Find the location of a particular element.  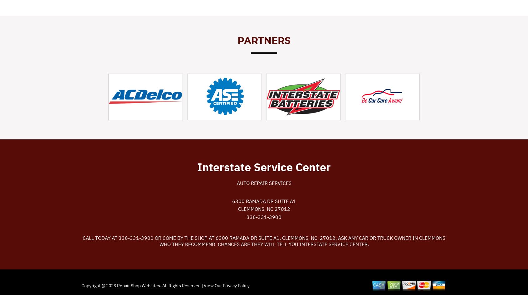

'Interstate Service Center' is located at coordinates (197, 167).